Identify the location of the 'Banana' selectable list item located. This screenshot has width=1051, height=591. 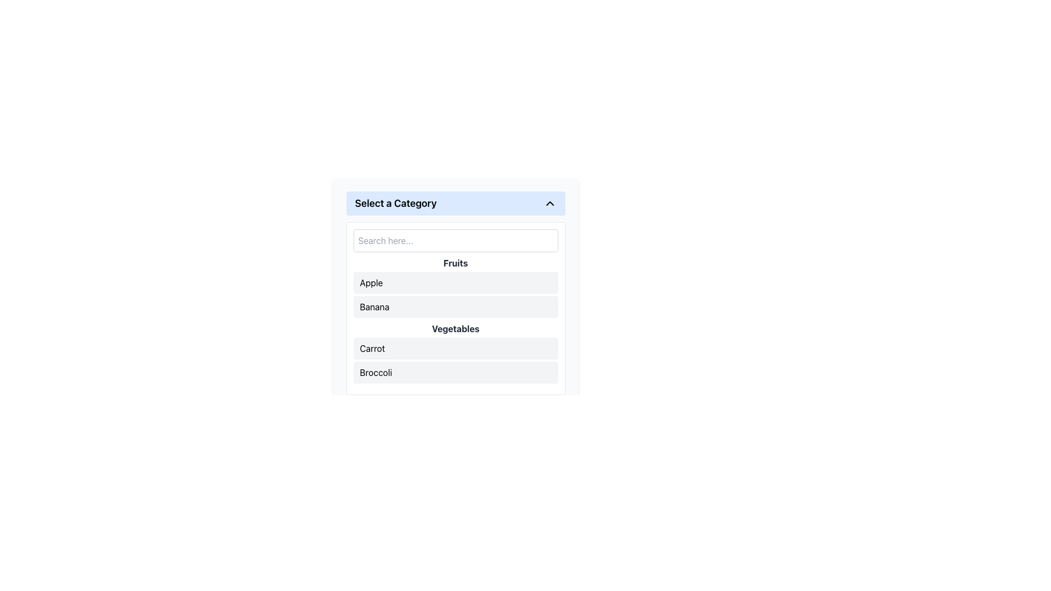
(455, 306).